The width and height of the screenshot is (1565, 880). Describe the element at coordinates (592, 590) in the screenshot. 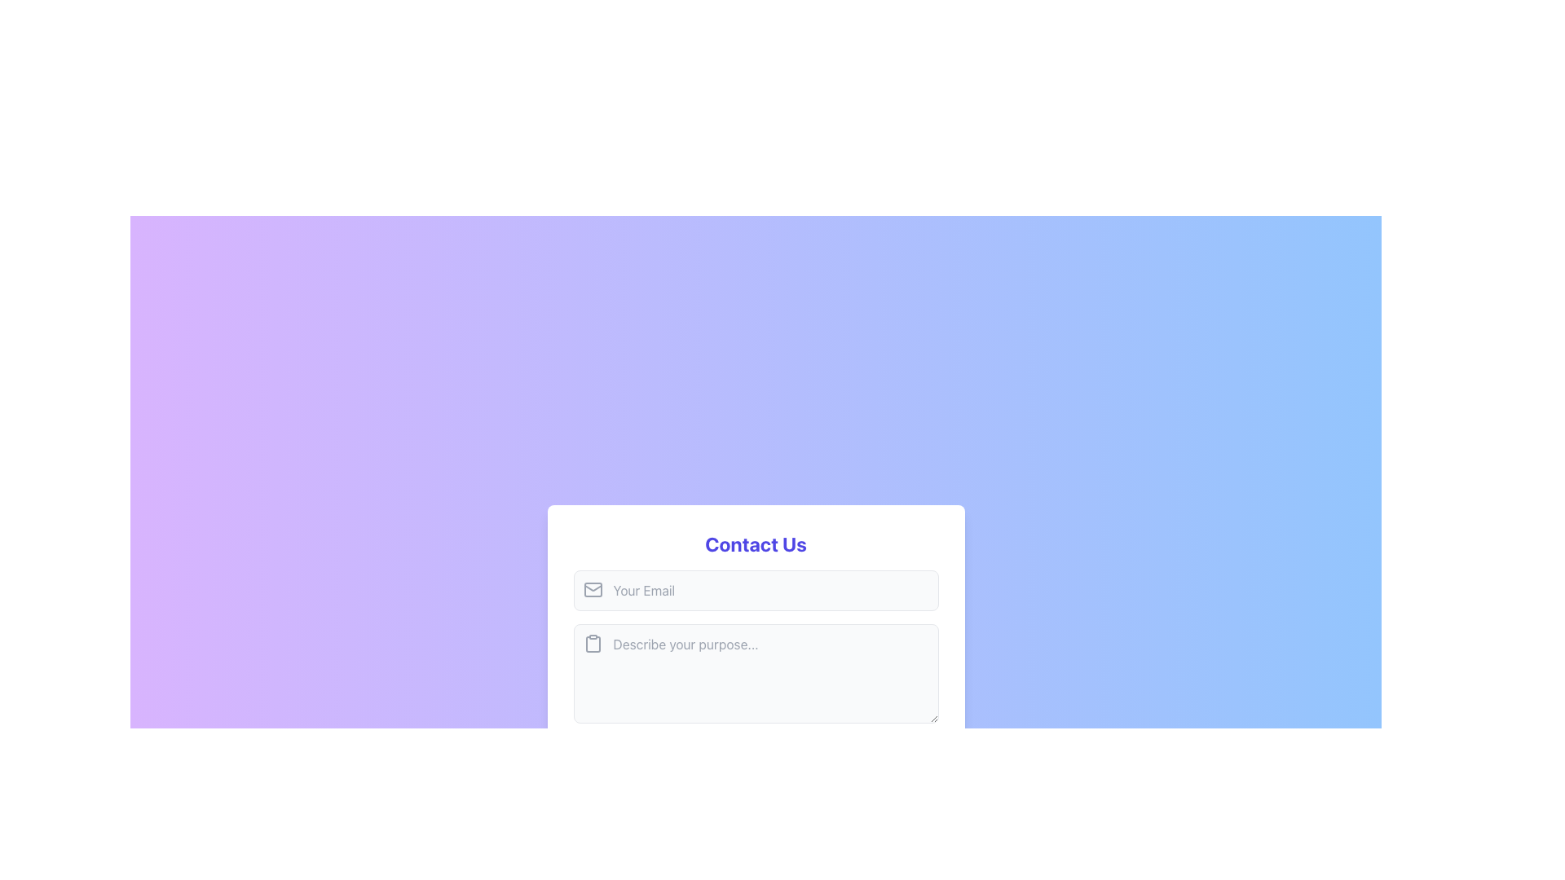

I see `the email input field icon, which visually indicates the purpose of the email input field and is positioned to the left of it` at that location.